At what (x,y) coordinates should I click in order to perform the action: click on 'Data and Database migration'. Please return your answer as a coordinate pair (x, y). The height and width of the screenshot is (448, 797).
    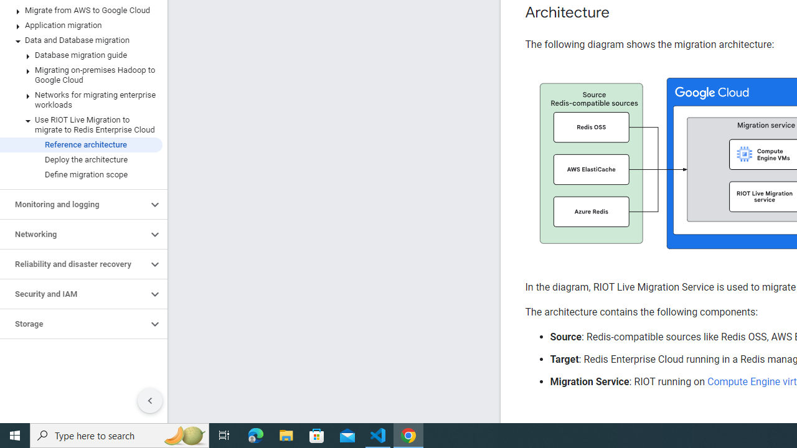
    Looking at the image, I should click on (80, 40).